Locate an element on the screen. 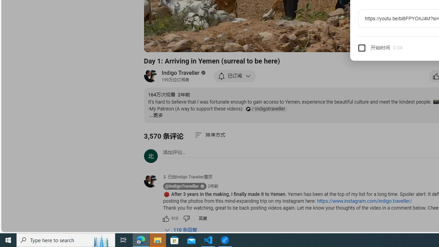 The image size is (439, 247). 'AutomationID: simplebox-placeholder' is located at coordinates (174, 152).